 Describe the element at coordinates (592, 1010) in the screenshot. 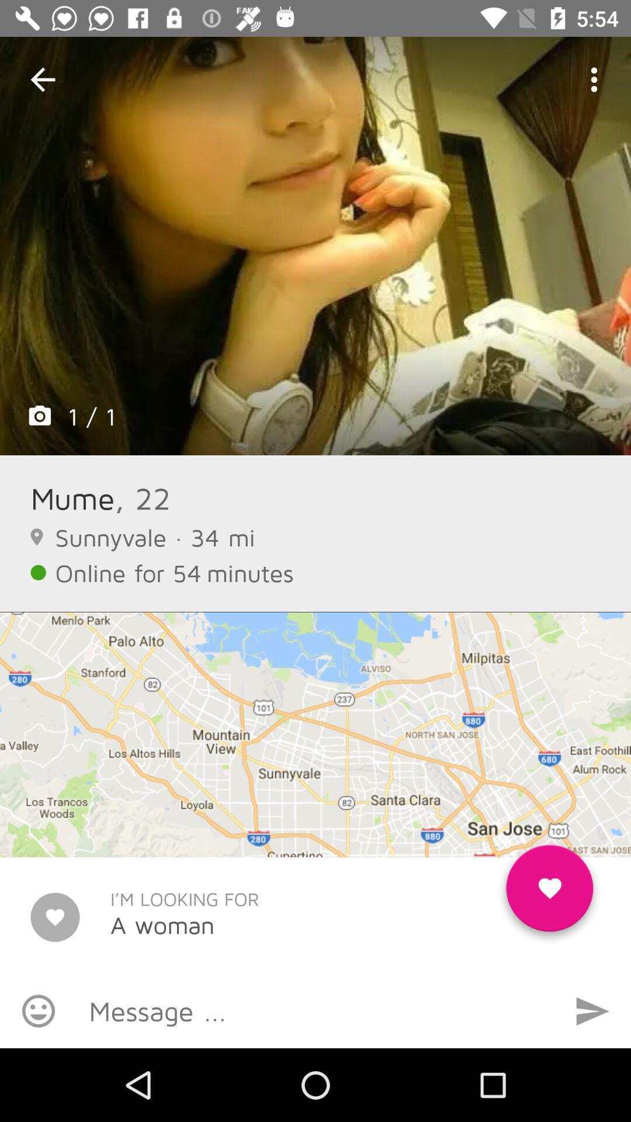

I see `the send icon` at that location.